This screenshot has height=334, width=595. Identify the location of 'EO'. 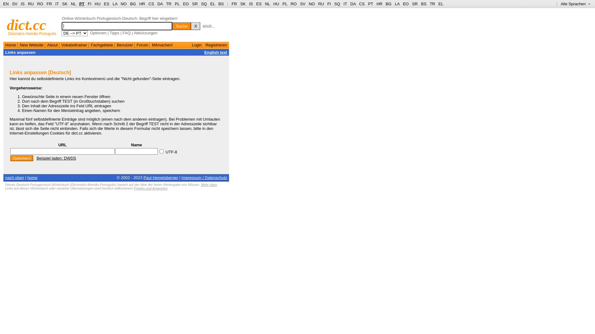
(183, 4).